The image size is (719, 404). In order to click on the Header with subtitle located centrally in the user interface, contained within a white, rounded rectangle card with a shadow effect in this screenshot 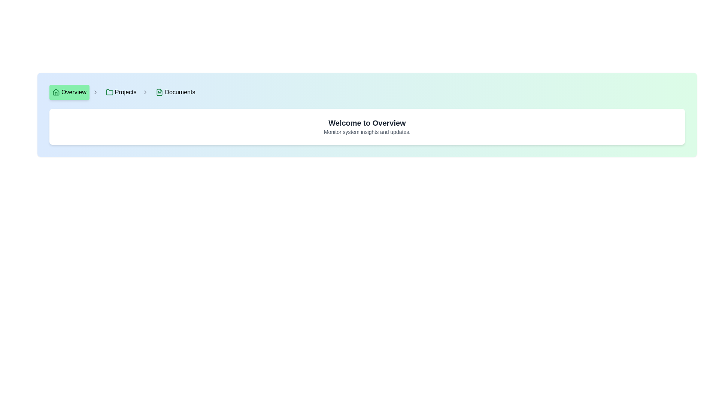, I will do `click(367, 126)`.